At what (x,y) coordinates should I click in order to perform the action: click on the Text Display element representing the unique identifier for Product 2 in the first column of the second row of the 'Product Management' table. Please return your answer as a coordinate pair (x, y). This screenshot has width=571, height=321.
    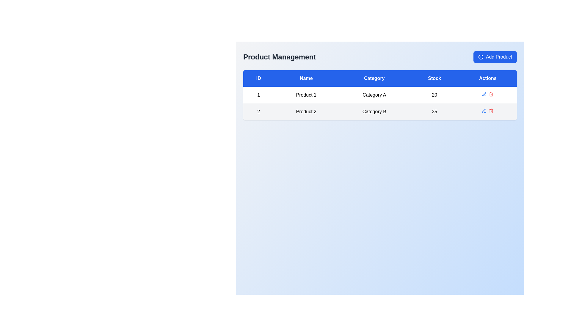
    Looking at the image, I should click on (258, 111).